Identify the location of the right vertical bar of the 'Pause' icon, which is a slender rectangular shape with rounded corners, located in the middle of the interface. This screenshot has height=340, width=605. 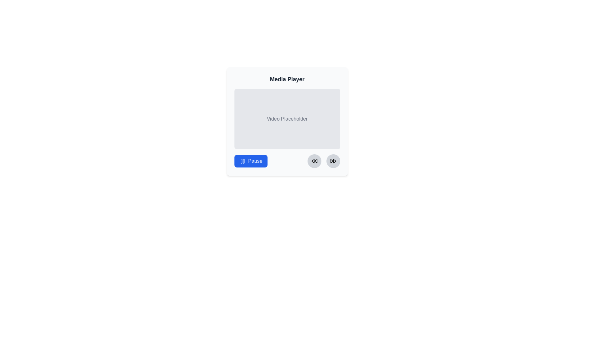
(243, 161).